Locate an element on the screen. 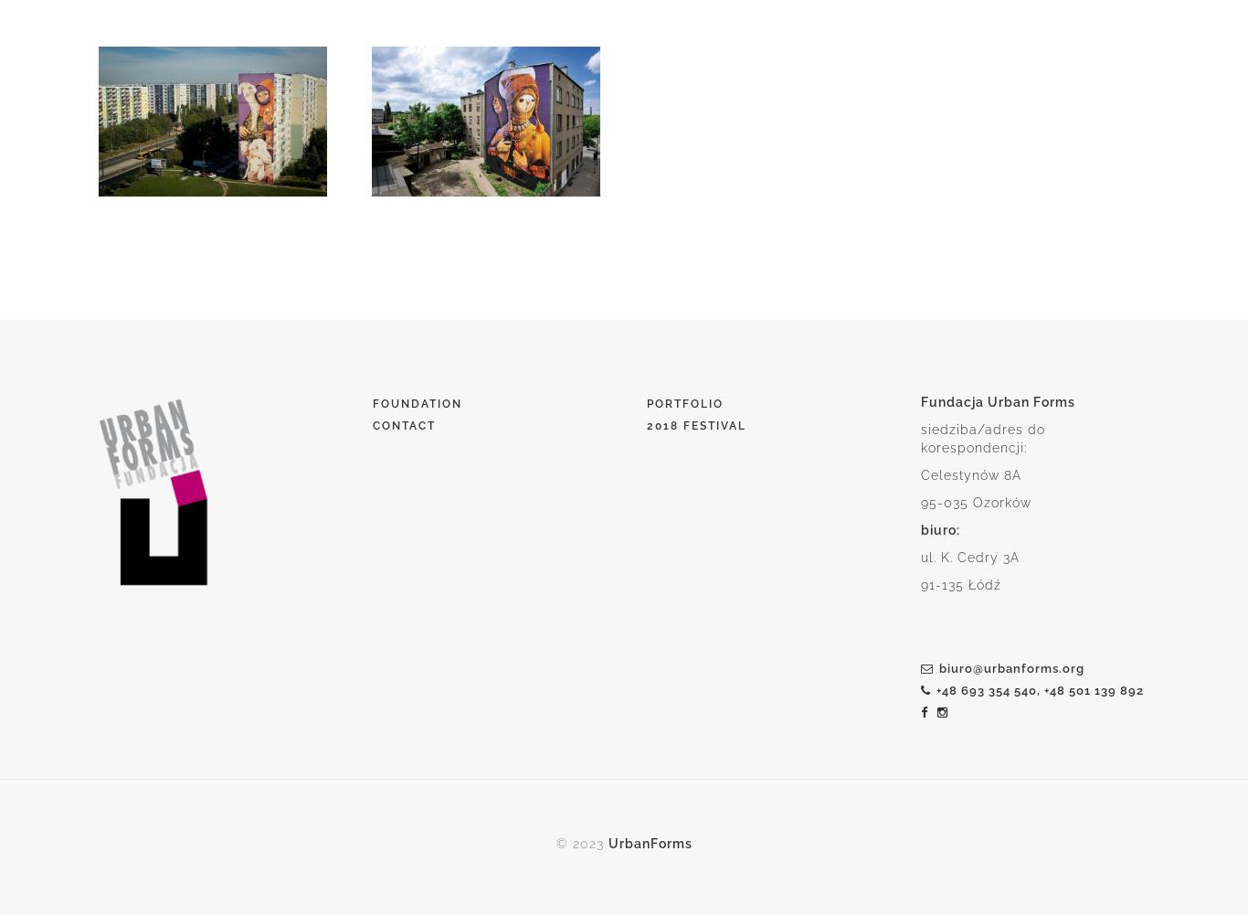 This screenshot has width=1248, height=915. 'UrbanForms' is located at coordinates (606, 844).